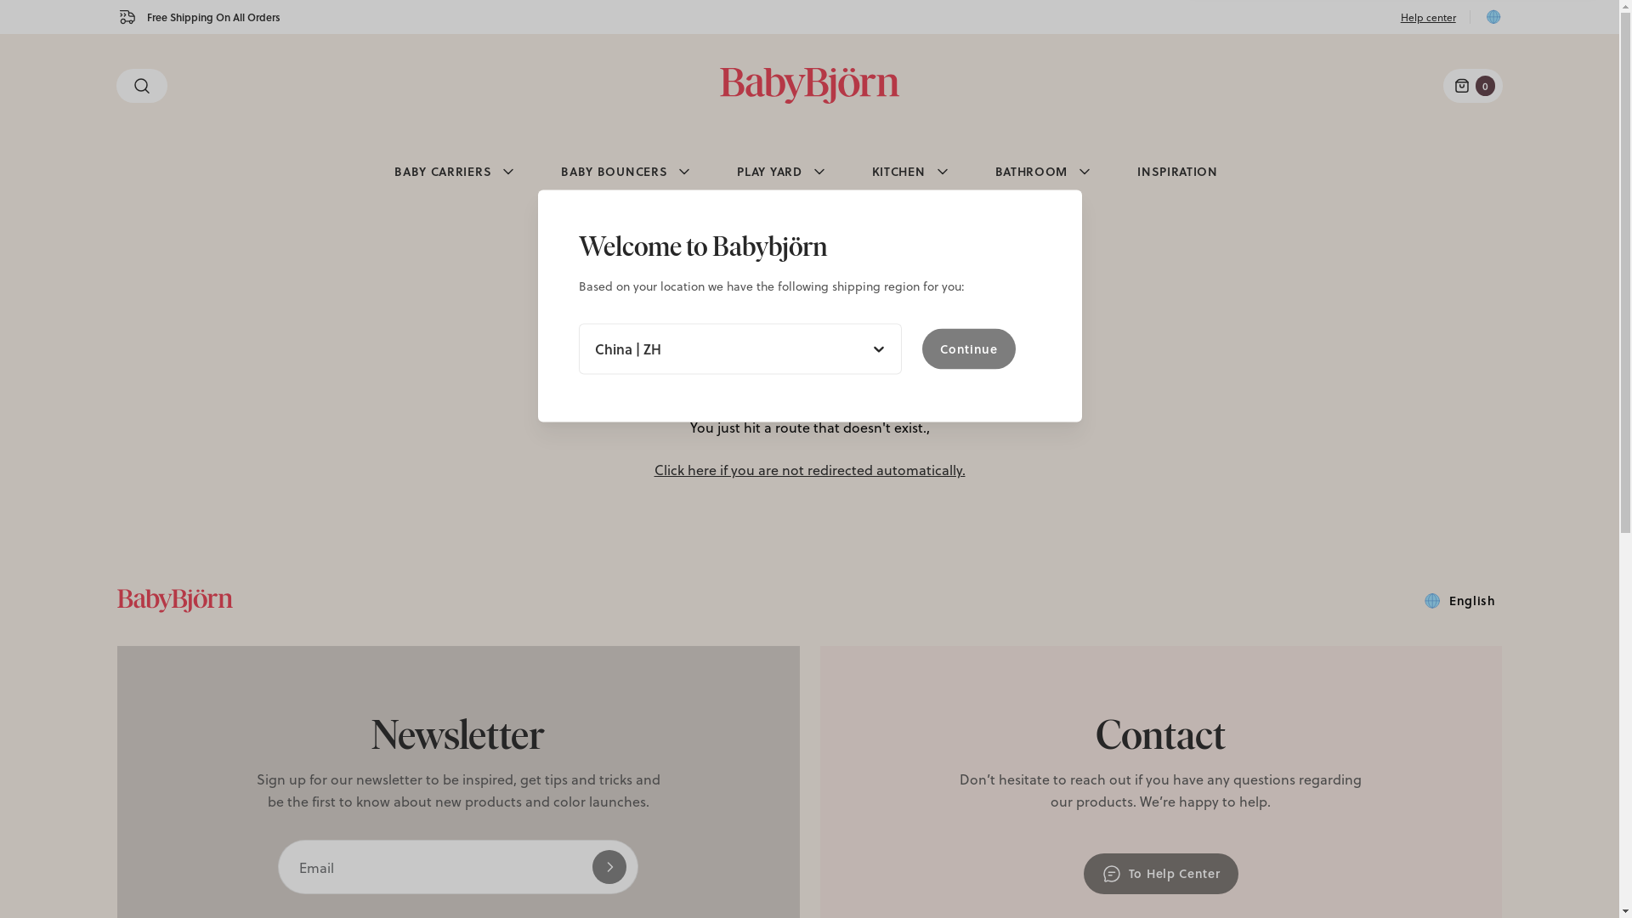 The height and width of the screenshot is (918, 1632). Describe the element at coordinates (911, 171) in the screenshot. I see `'KITCHEN'` at that location.